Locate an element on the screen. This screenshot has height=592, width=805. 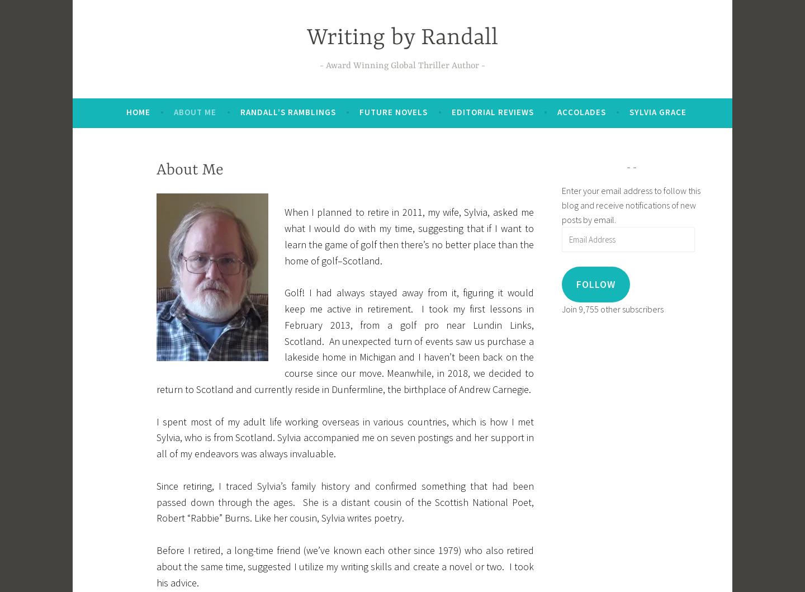
'Enter your email address to follow this blog and receive notifications of new posts by email.' is located at coordinates (561, 204).